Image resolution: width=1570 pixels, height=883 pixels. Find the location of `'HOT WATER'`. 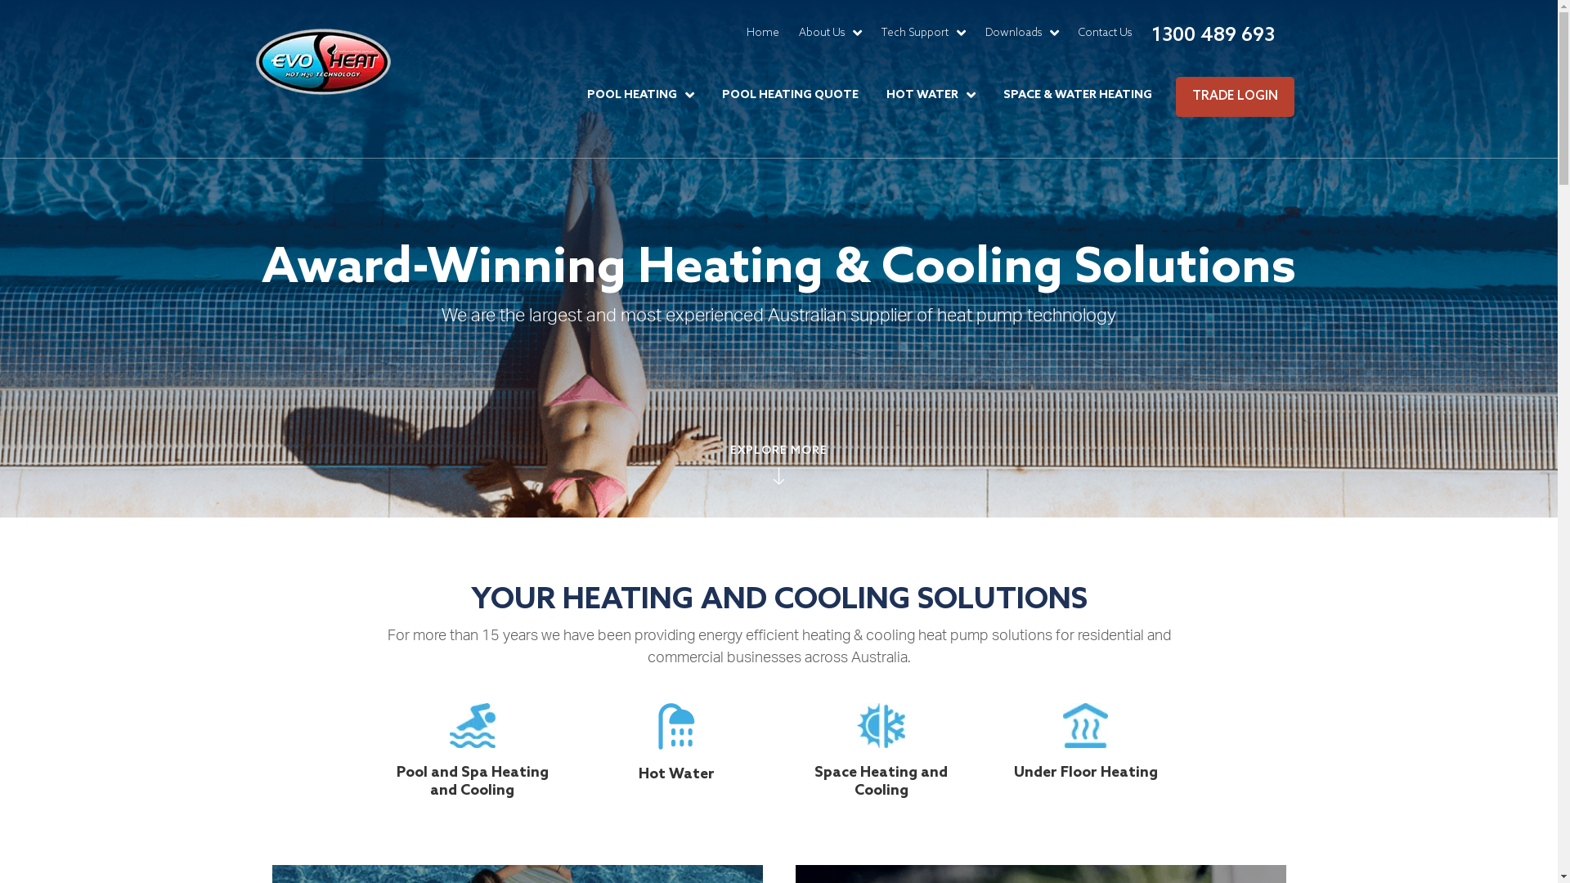

'HOT WATER' is located at coordinates (931, 95).